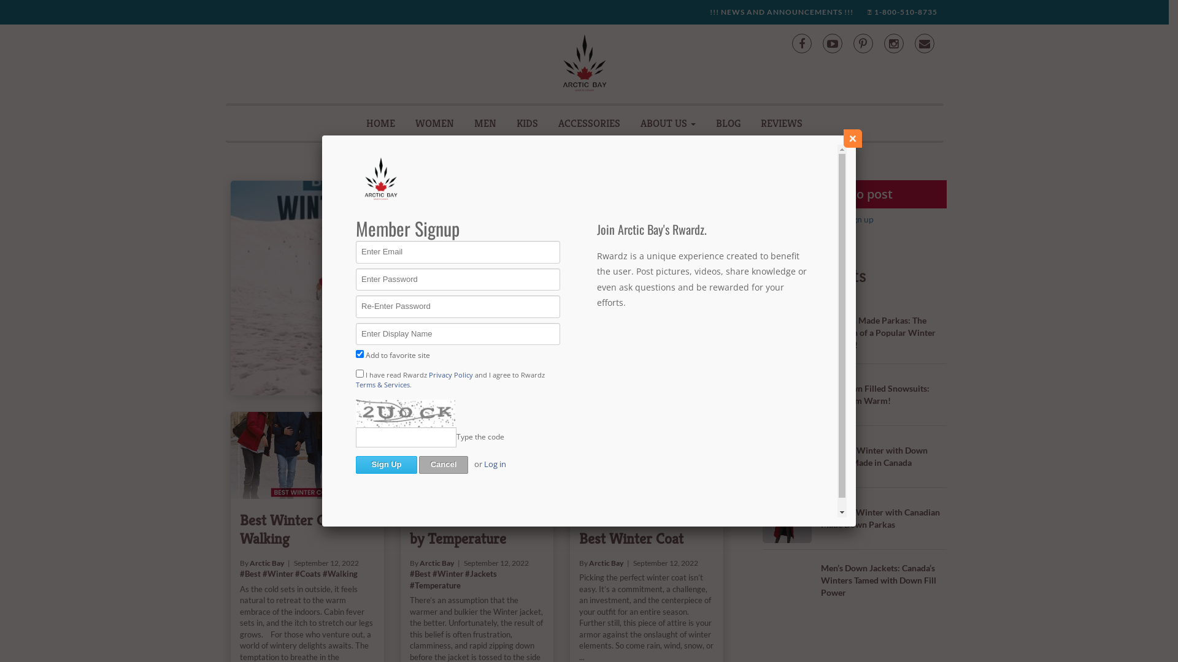 This screenshot has height=662, width=1178. I want to click on 'How to Choose the Best Winter Coat', so click(636, 529).